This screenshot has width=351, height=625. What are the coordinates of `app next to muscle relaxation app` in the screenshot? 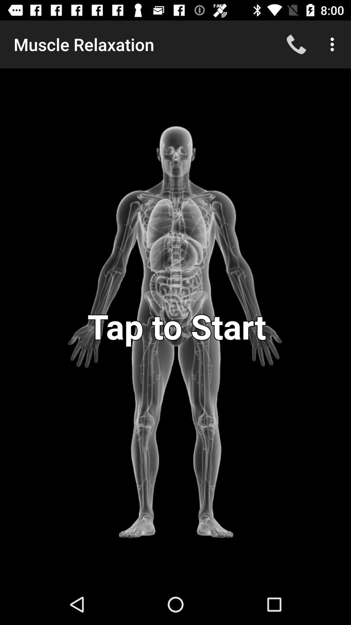 It's located at (296, 44).